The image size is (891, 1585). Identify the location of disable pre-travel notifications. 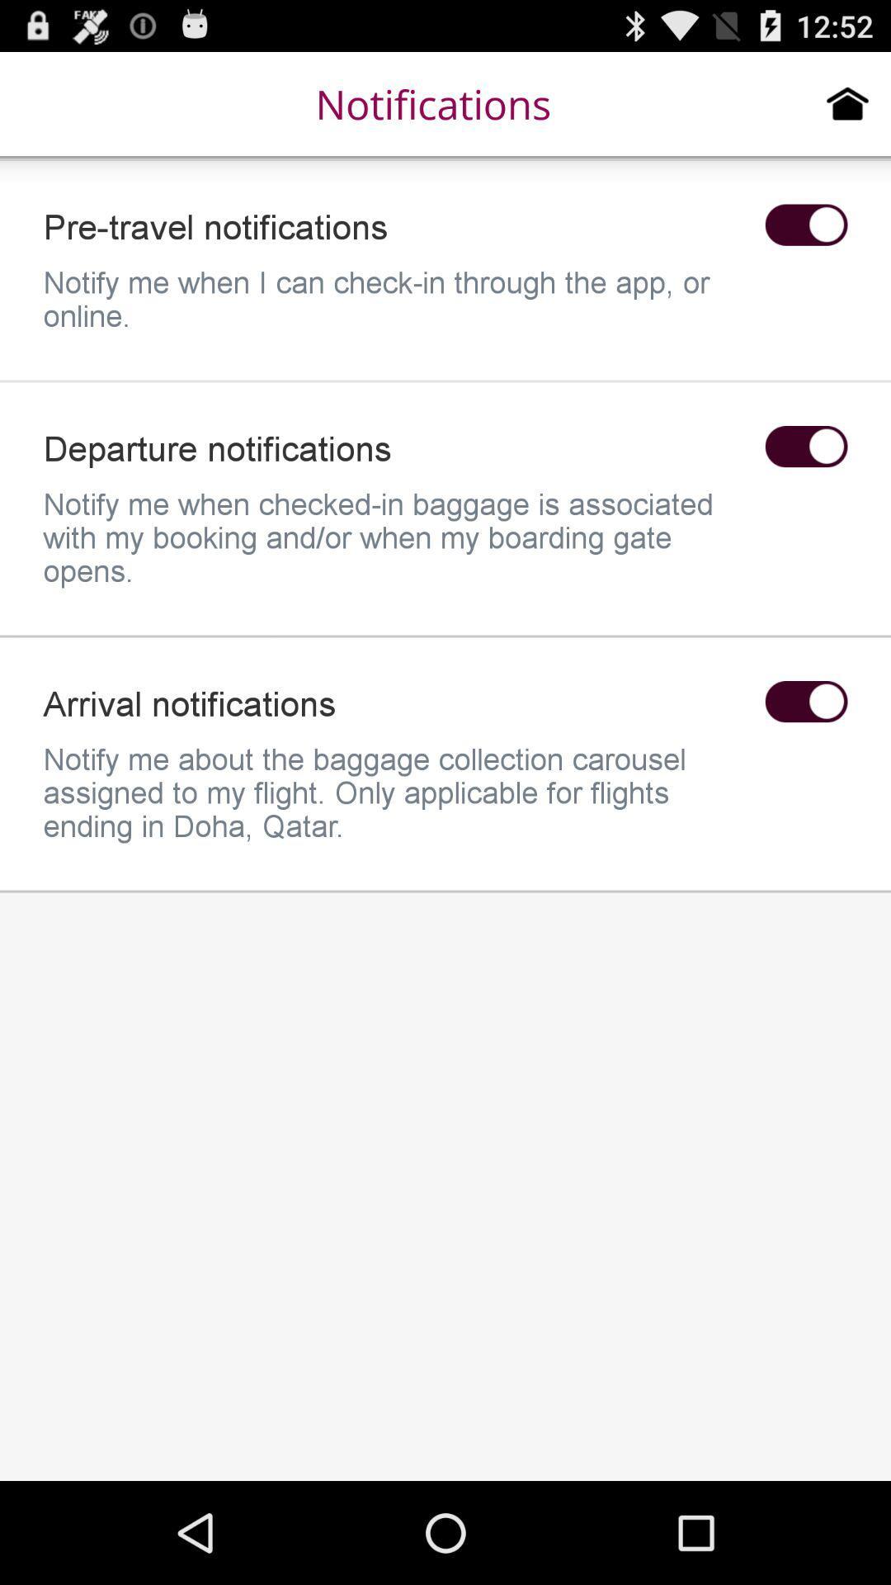
(805, 224).